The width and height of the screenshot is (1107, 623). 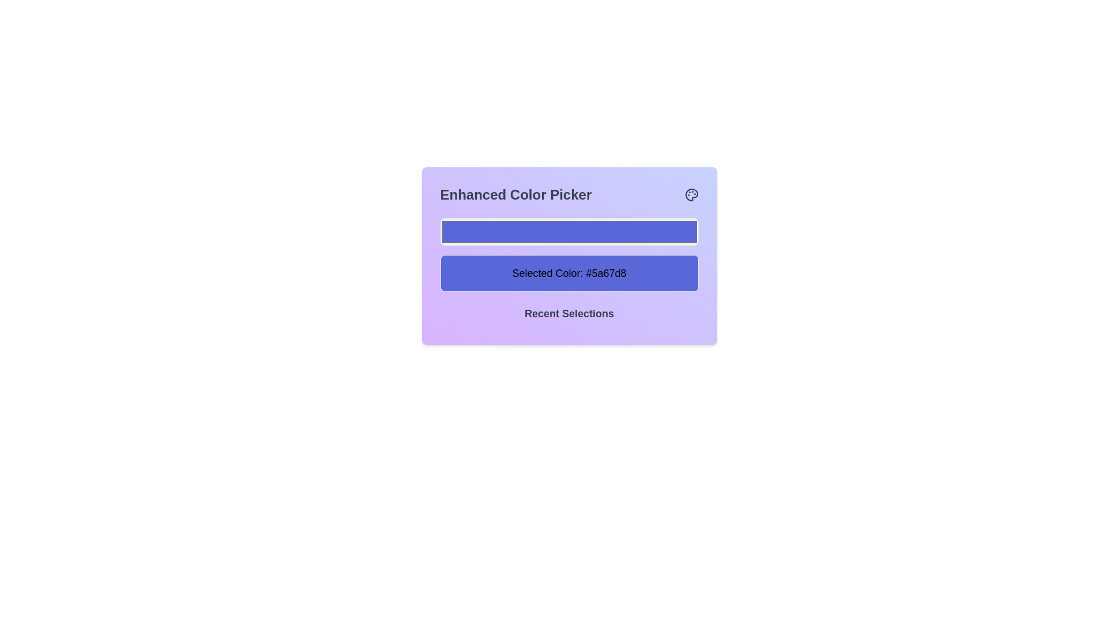 What do you see at coordinates (569, 316) in the screenshot?
I see `the 'Recent Selections' text label, which is styled in bold and semibold gray font and positioned at the bottom of a gradient background box` at bounding box center [569, 316].